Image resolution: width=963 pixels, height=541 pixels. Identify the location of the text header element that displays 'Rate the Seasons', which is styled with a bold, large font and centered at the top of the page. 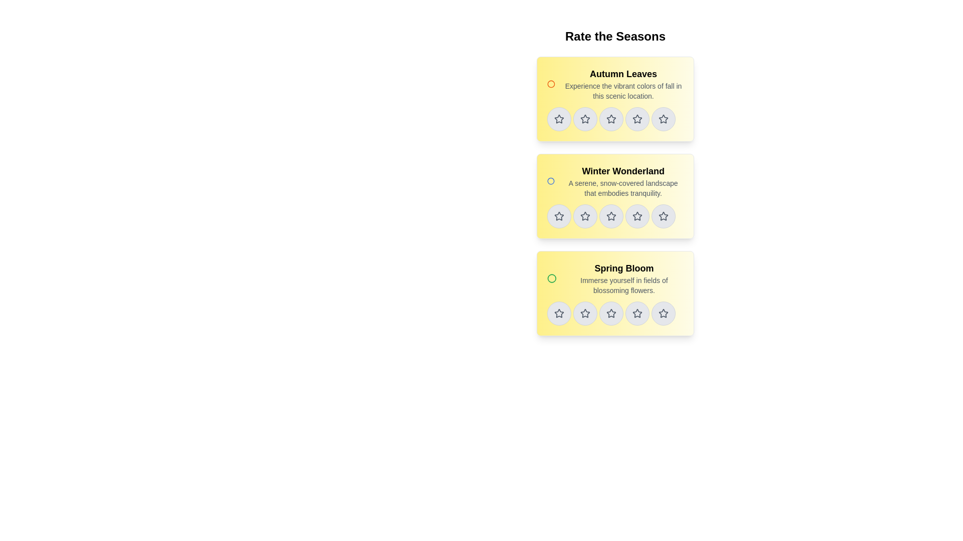
(615, 36).